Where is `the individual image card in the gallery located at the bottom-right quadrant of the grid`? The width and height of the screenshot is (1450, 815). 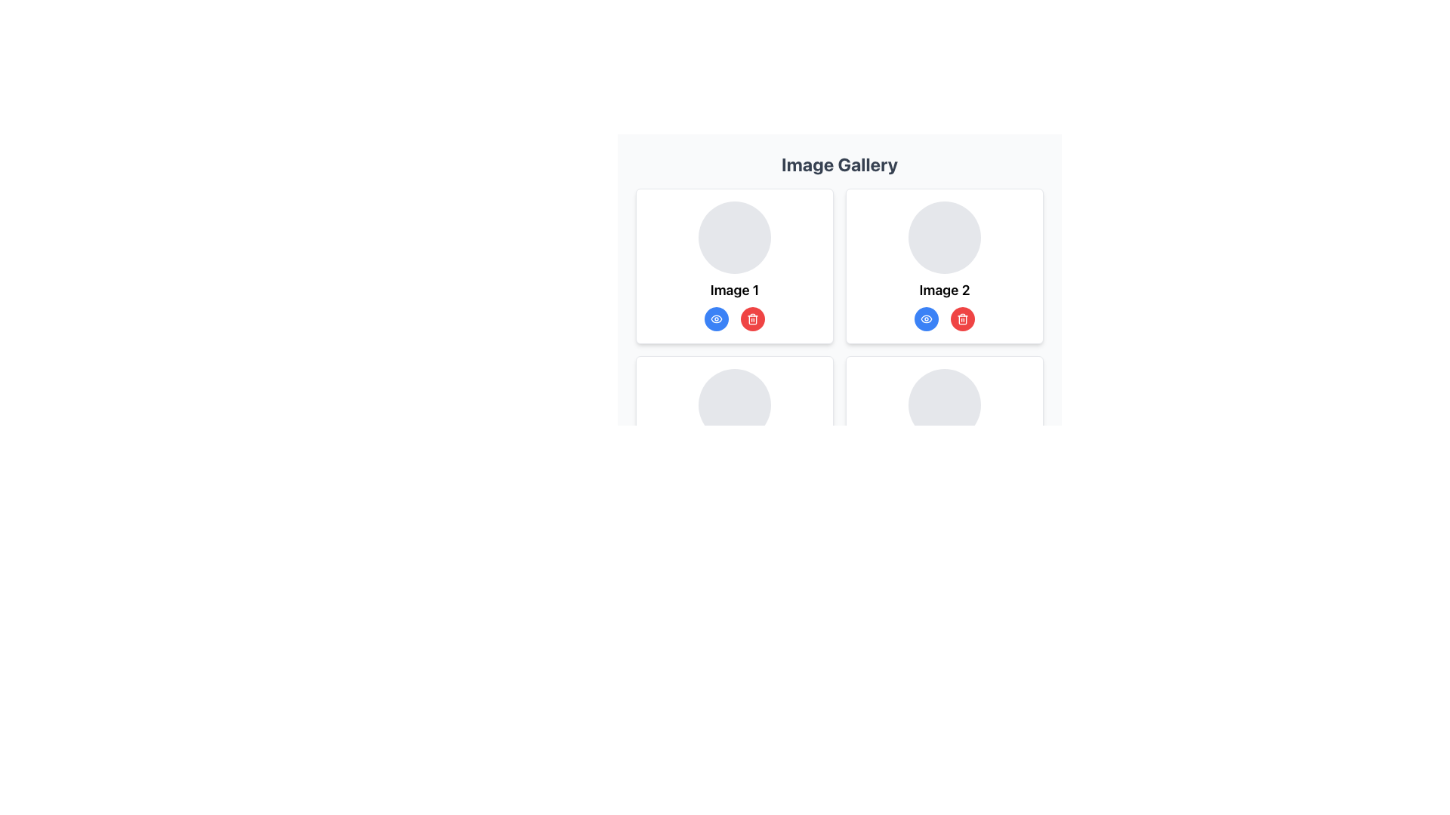
the individual image card in the gallery located at the bottom-right quadrant of the grid is located at coordinates (944, 433).